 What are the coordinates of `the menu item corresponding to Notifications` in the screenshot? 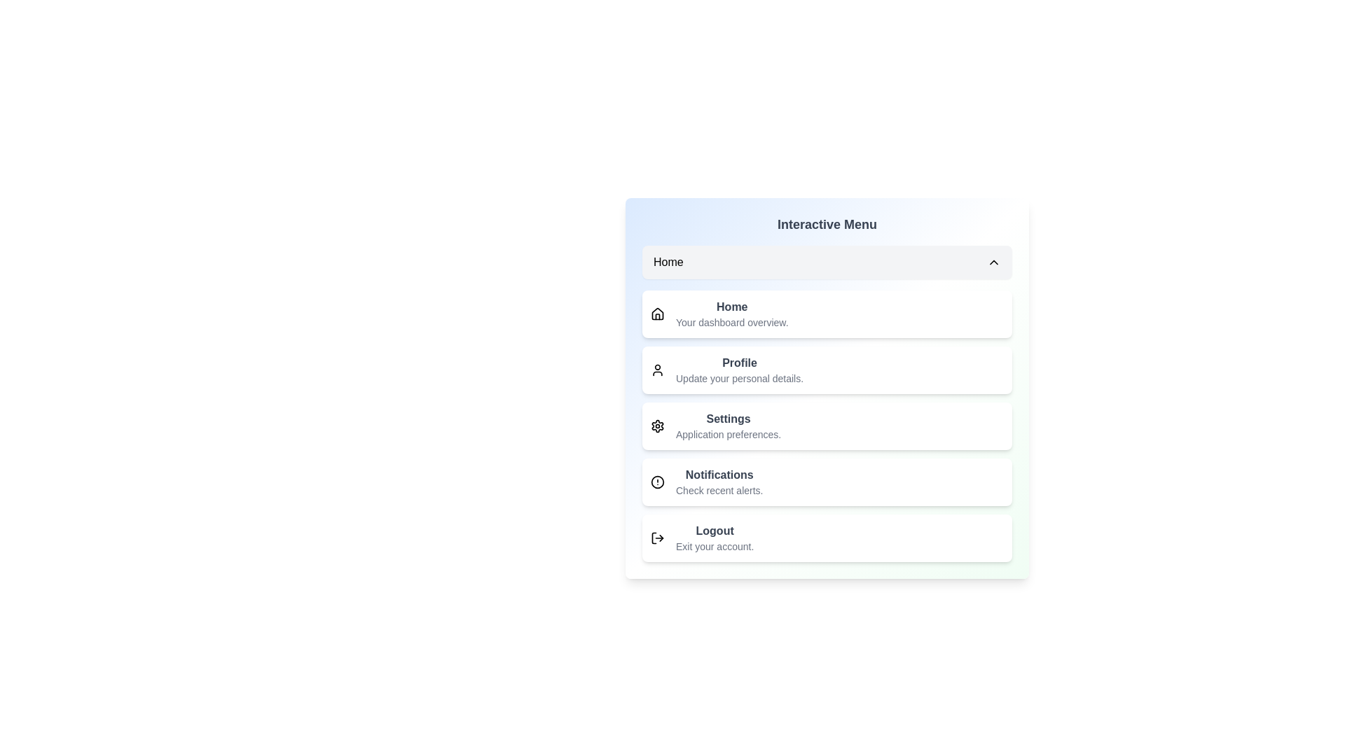 It's located at (827, 482).